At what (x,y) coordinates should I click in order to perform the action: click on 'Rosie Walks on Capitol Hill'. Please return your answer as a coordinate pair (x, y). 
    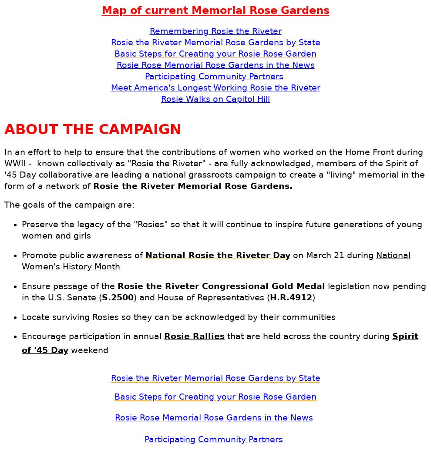
    Looking at the image, I should click on (215, 99).